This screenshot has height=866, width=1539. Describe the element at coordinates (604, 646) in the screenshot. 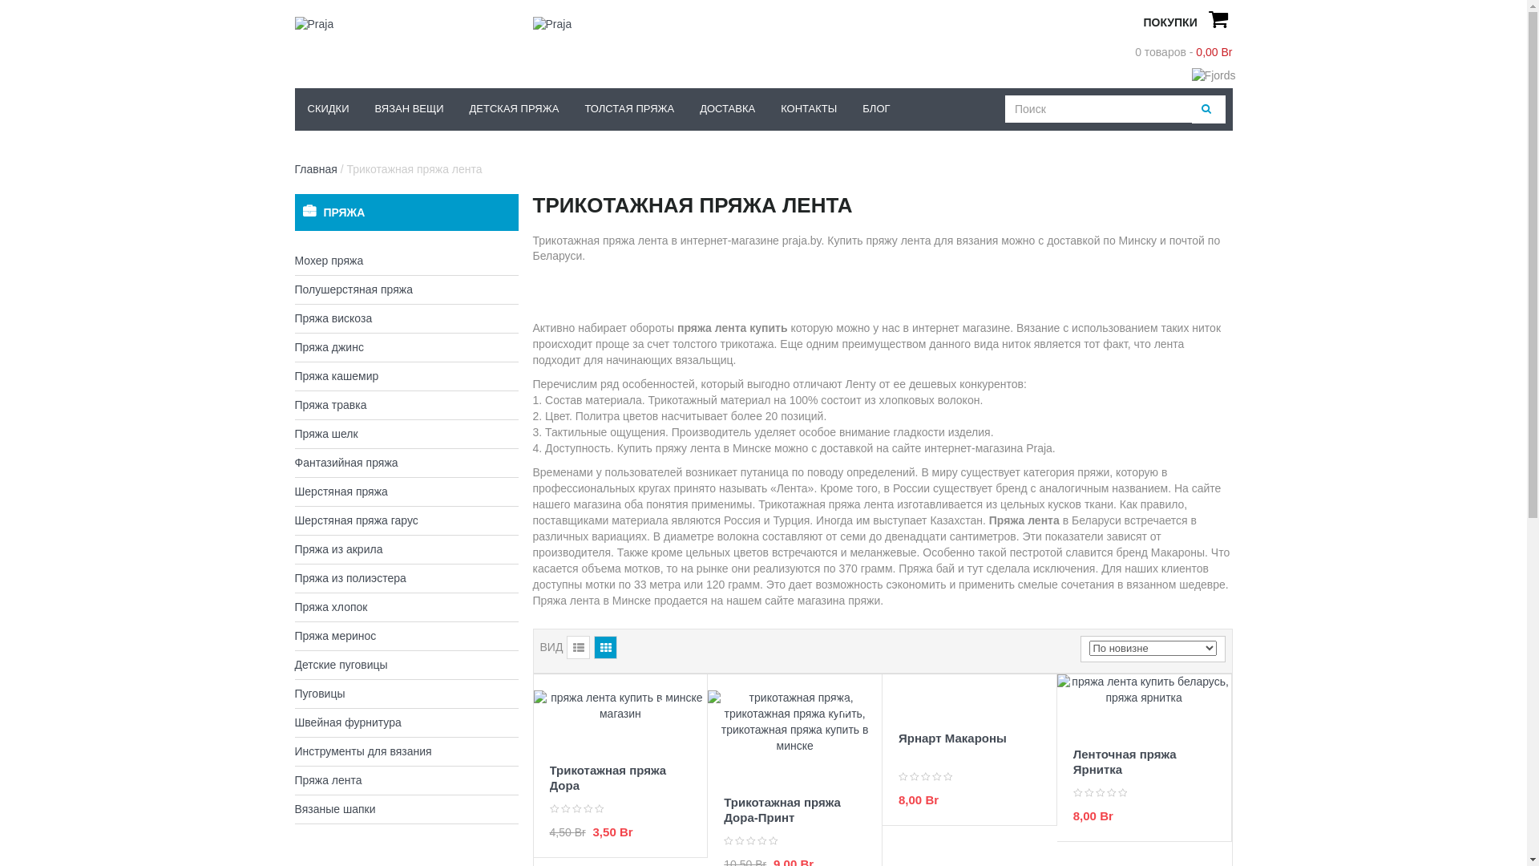

I see `'Grid'` at that location.